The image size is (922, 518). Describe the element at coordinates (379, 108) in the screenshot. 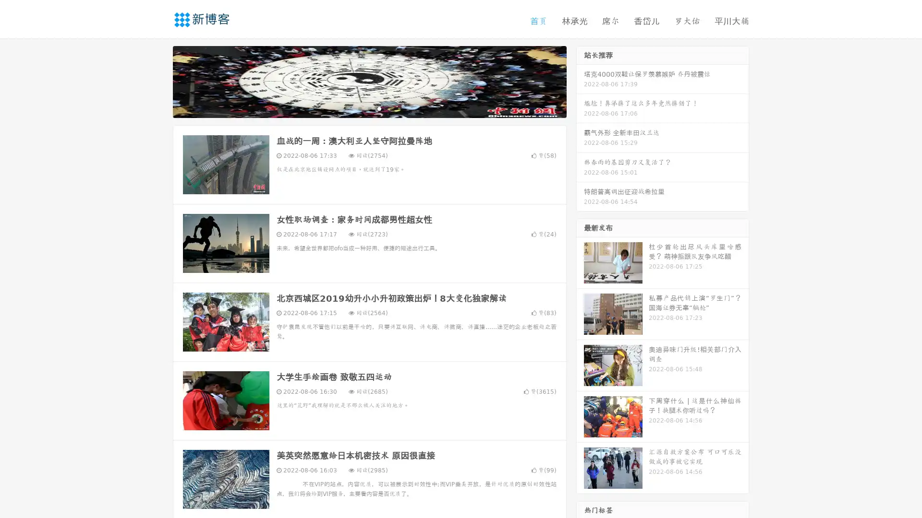

I see `Go to slide 3` at that location.